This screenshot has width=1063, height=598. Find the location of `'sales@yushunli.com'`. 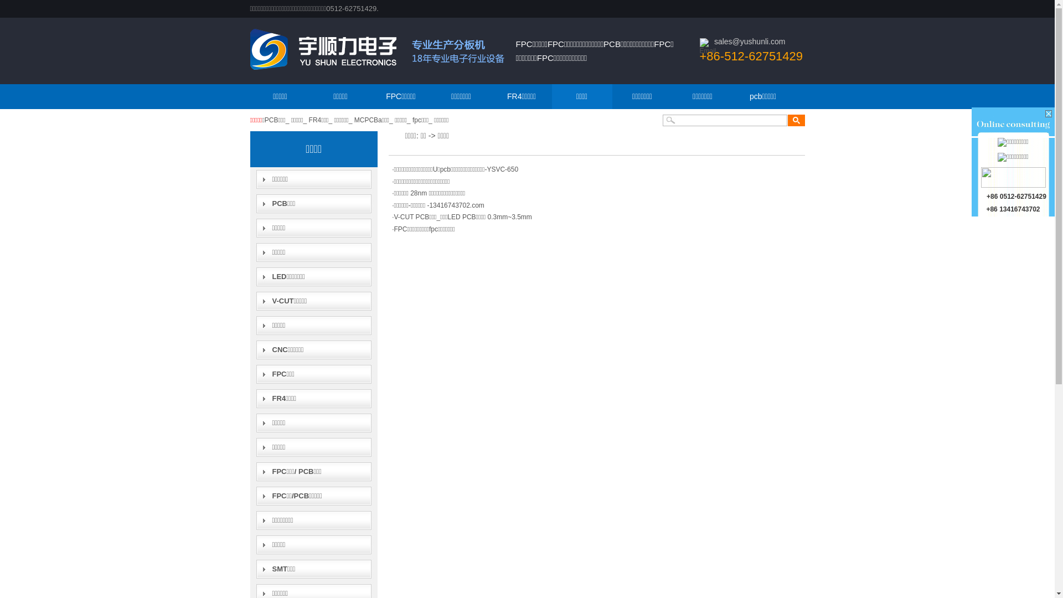

'sales@yushunli.com' is located at coordinates (750, 40).